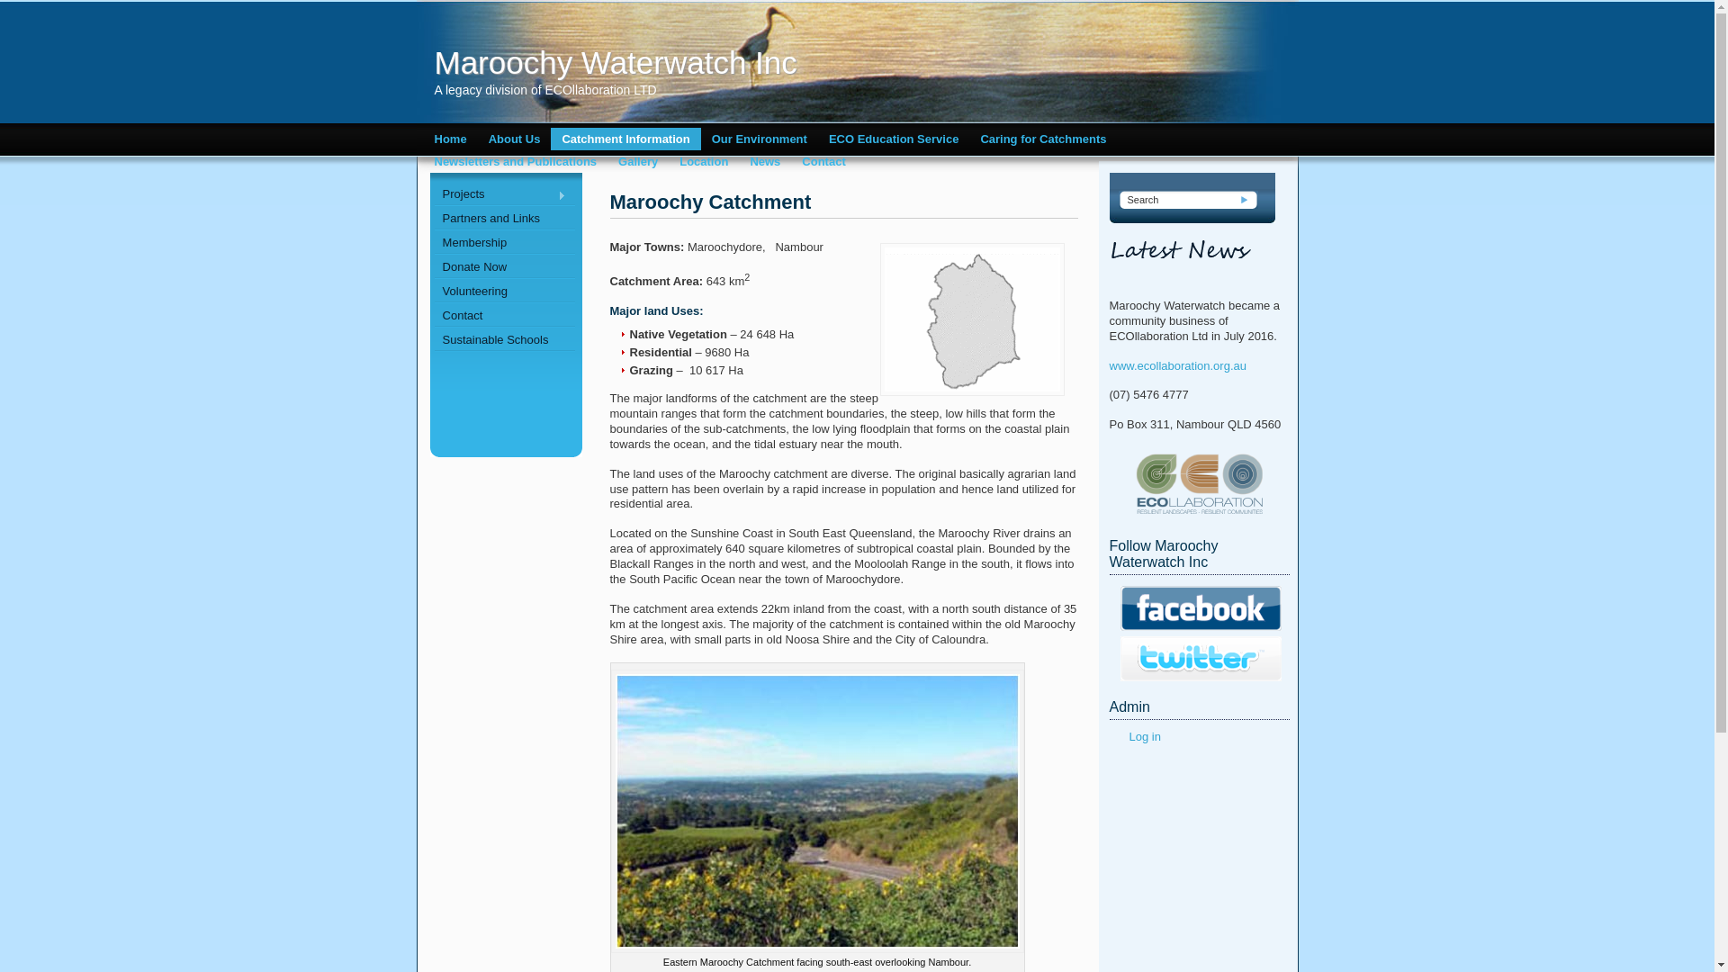  I want to click on 'Location', so click(703, 160).